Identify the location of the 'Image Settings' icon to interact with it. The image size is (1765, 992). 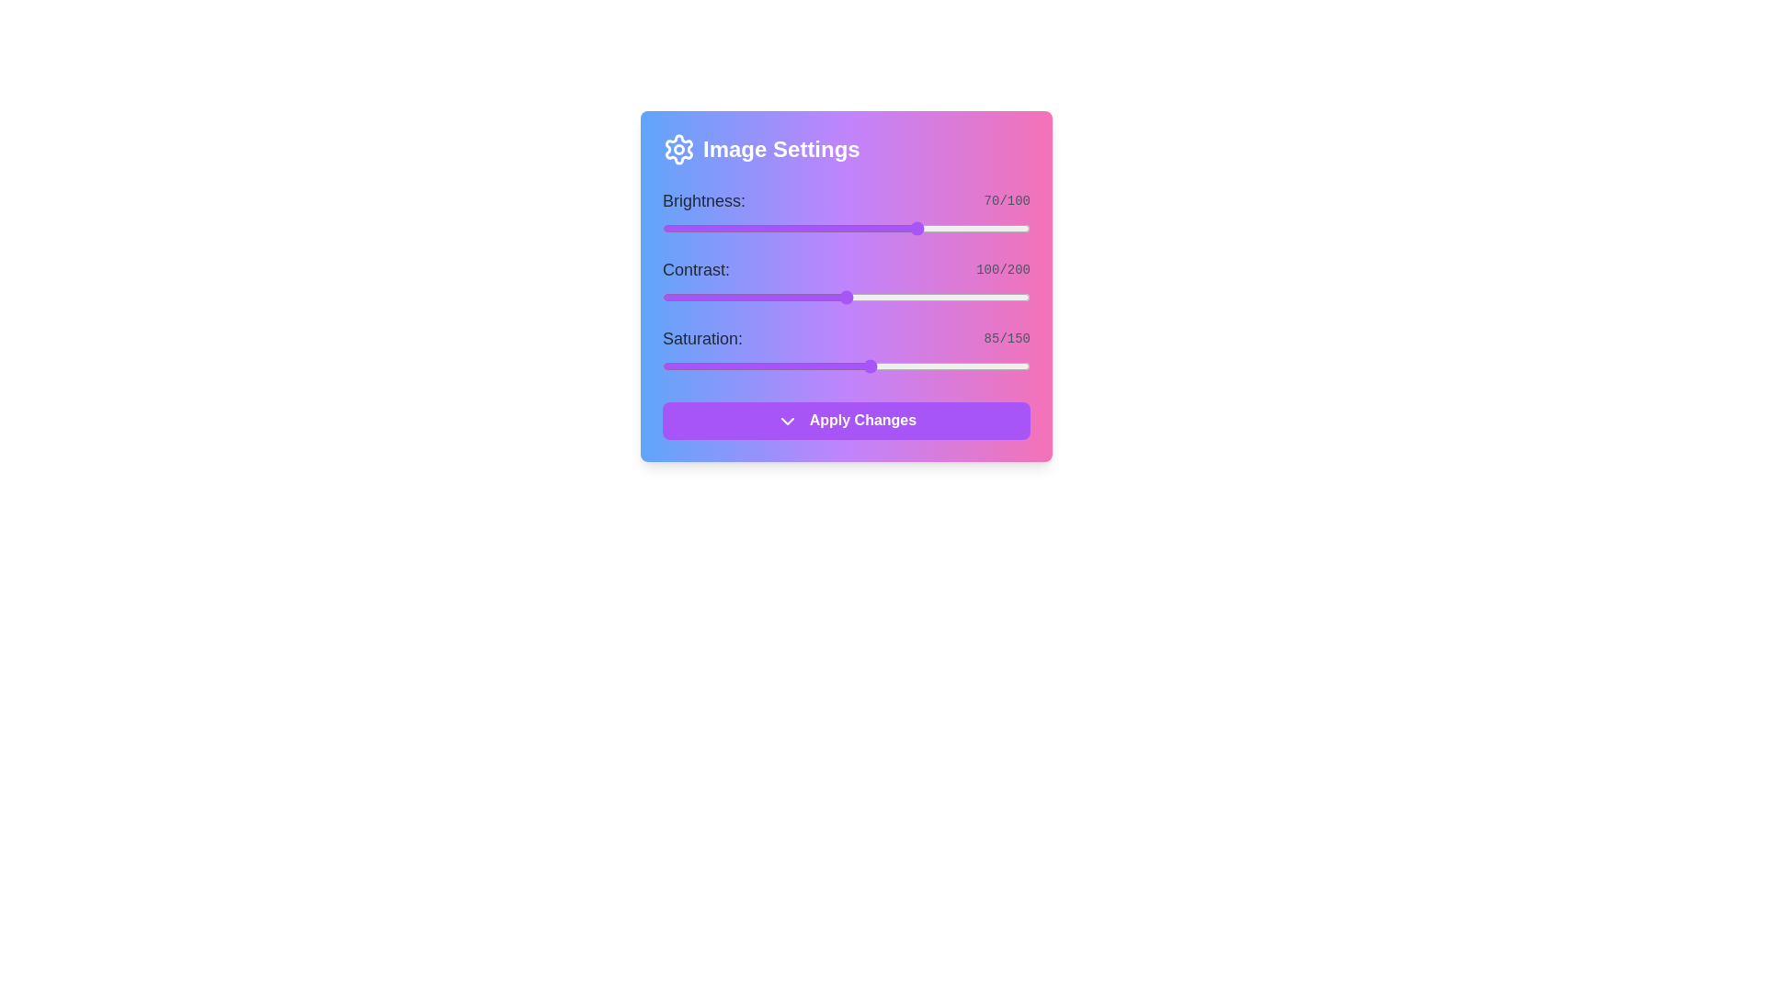
(678, 148).